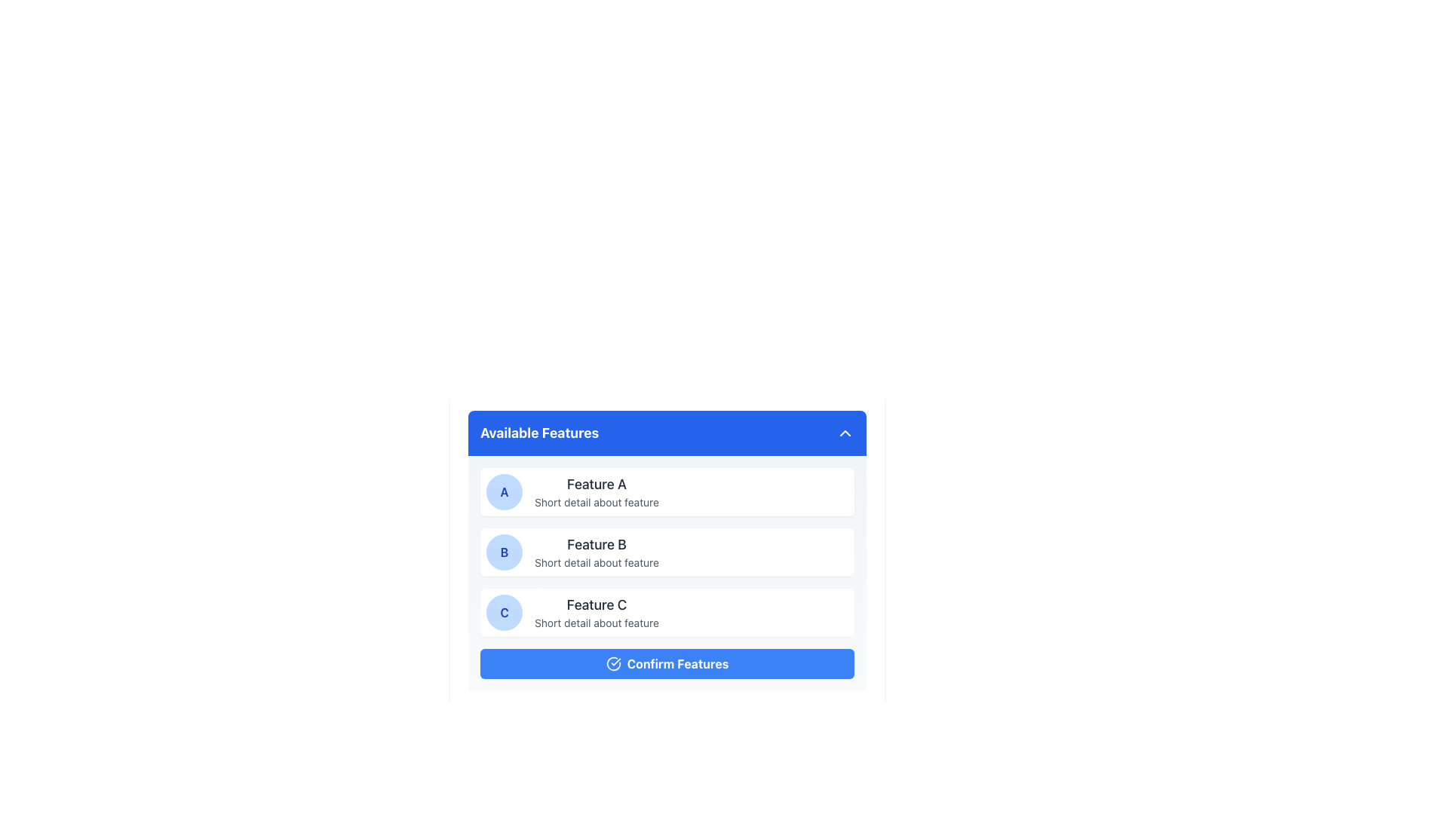  What do you see at coordinates (613, 663) in the screenshot?
I see `the confirmation icon located to the left of the text 'Confirm Features' within the blue button at the bottom of the feature selection card` at bounding box center [613, 663].